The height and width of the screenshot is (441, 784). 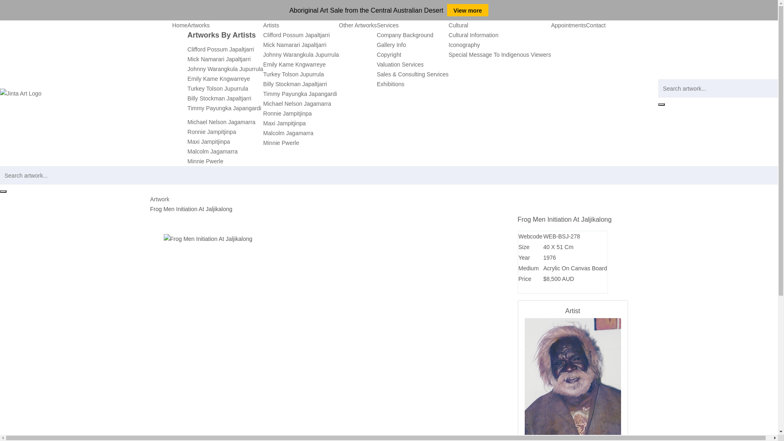 I want to click on 'Ronnie Jampitjinpa', so click(x=187, y=131).